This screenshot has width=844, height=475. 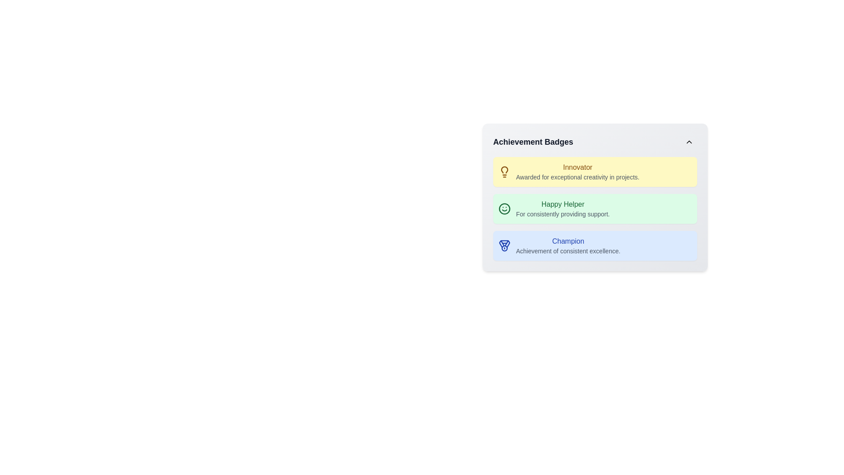 I want to click on the text label displaying 'Champion', which is styled in blue and positioned above the descriptive text in the 'Achievement Badges' list interface, so click(x=568, y=241).